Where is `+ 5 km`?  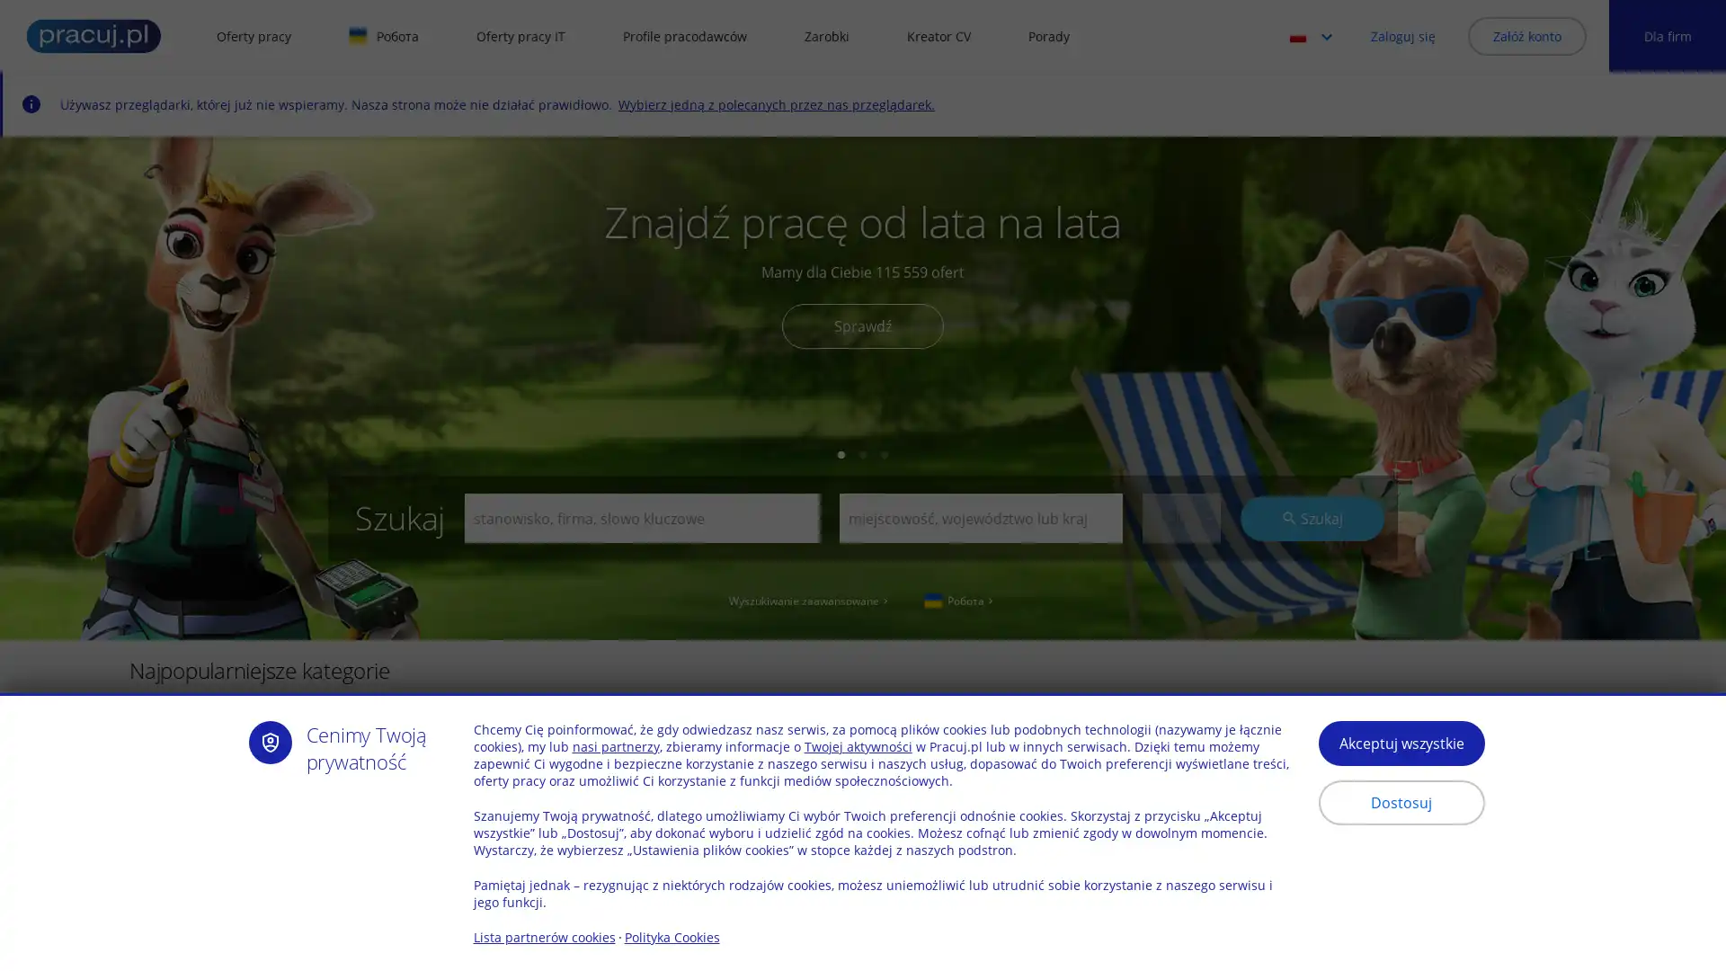 + 5 km is located at coordinates (1180, 583).